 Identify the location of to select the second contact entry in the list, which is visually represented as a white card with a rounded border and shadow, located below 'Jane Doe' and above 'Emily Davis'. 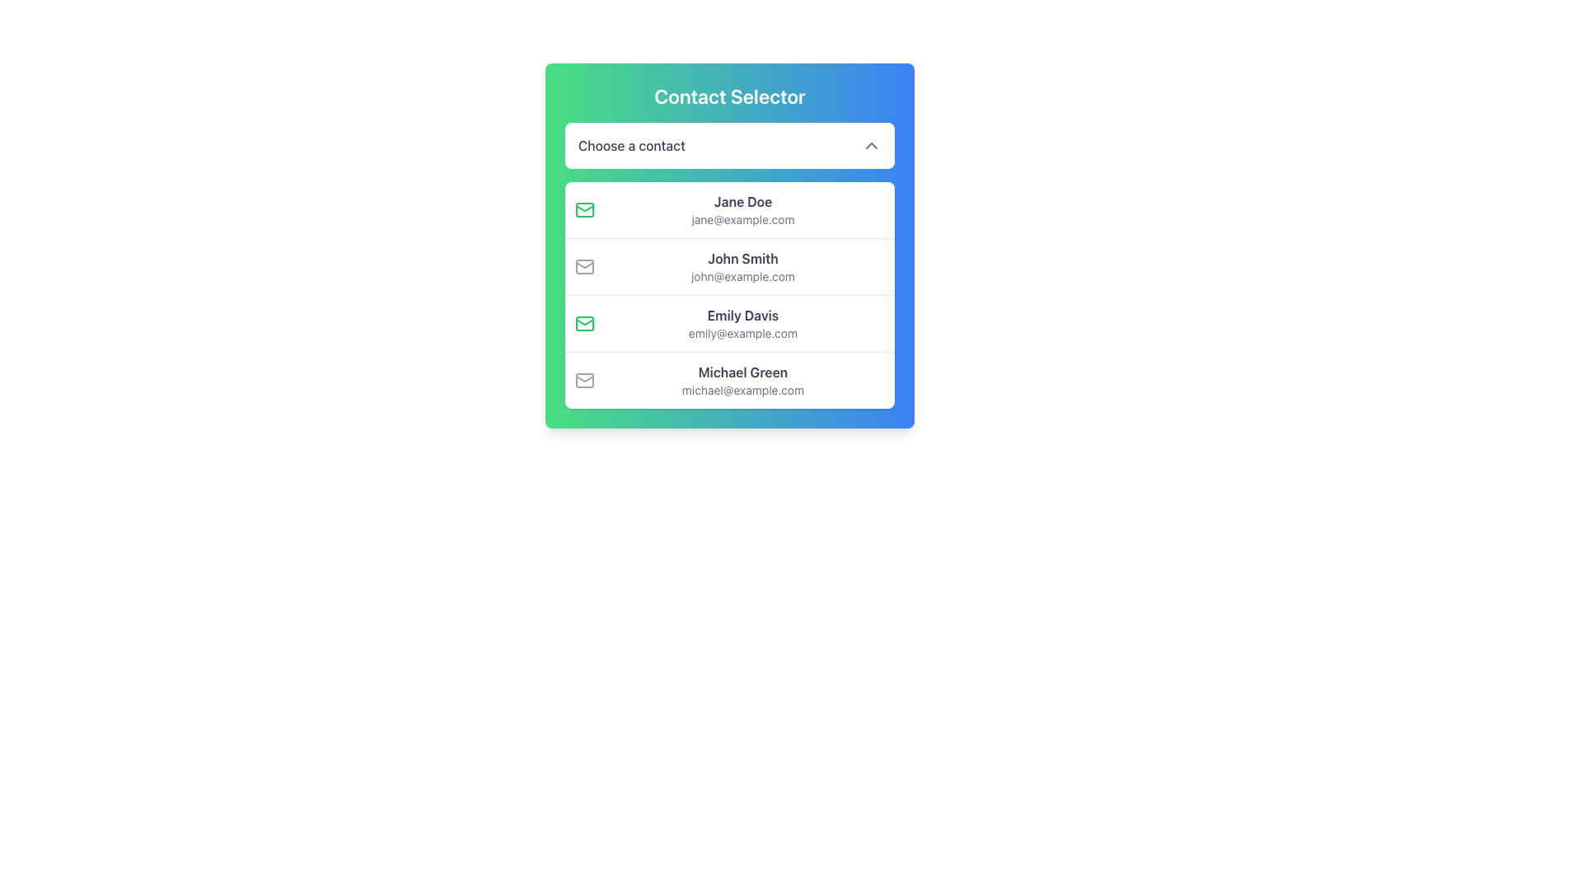
(729, 265).